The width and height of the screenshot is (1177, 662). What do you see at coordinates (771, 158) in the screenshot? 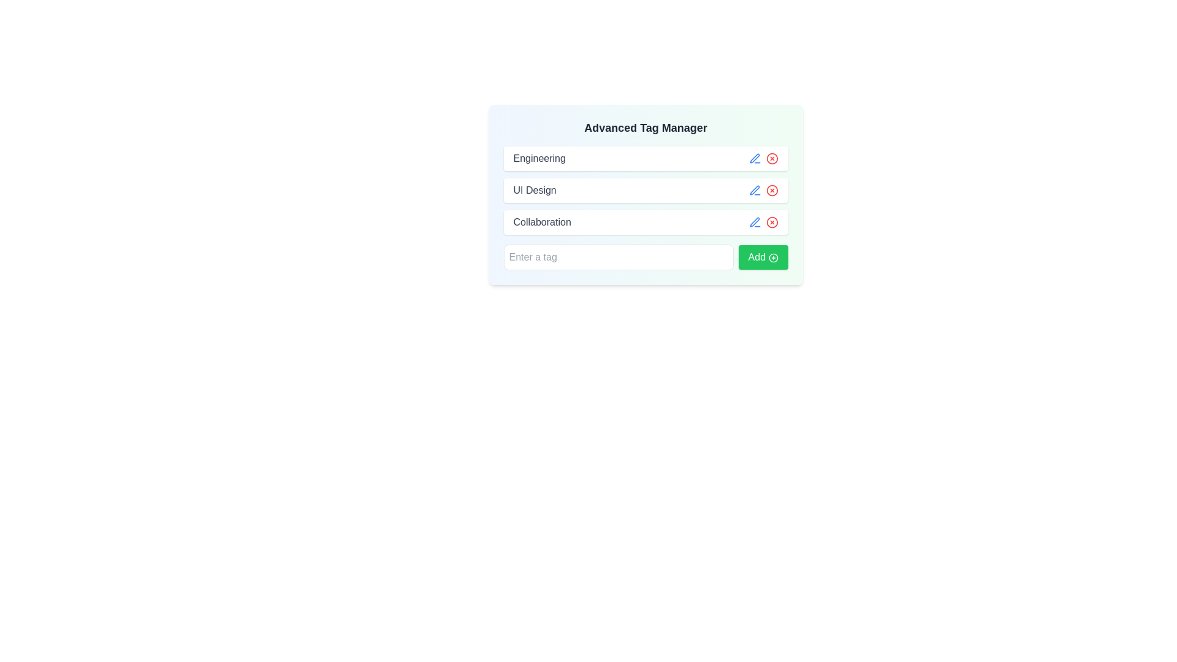
I see `the clear or delete icon (circle with 'X') located in the top right corner of the 'Engineering' input field` at bounding box center [771, 158].